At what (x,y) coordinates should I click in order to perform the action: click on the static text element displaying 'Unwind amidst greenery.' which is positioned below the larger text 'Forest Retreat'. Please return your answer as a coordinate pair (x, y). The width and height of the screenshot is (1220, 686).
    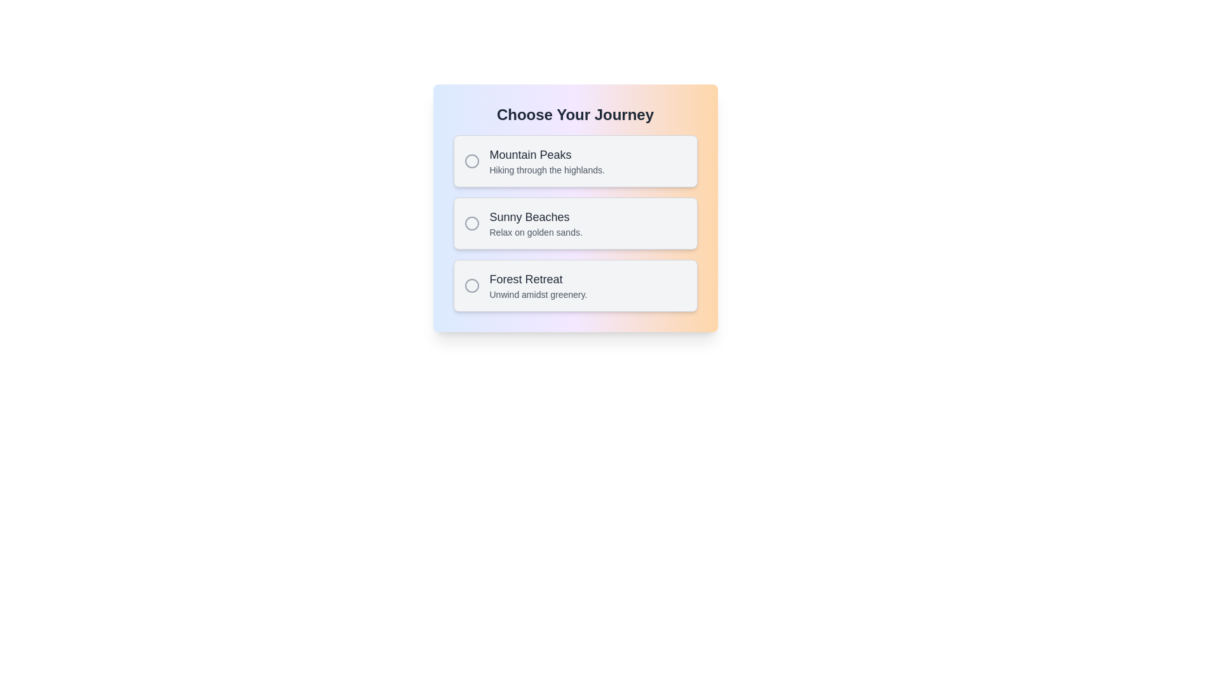
    Looking at the image, I should click on (538, 294).